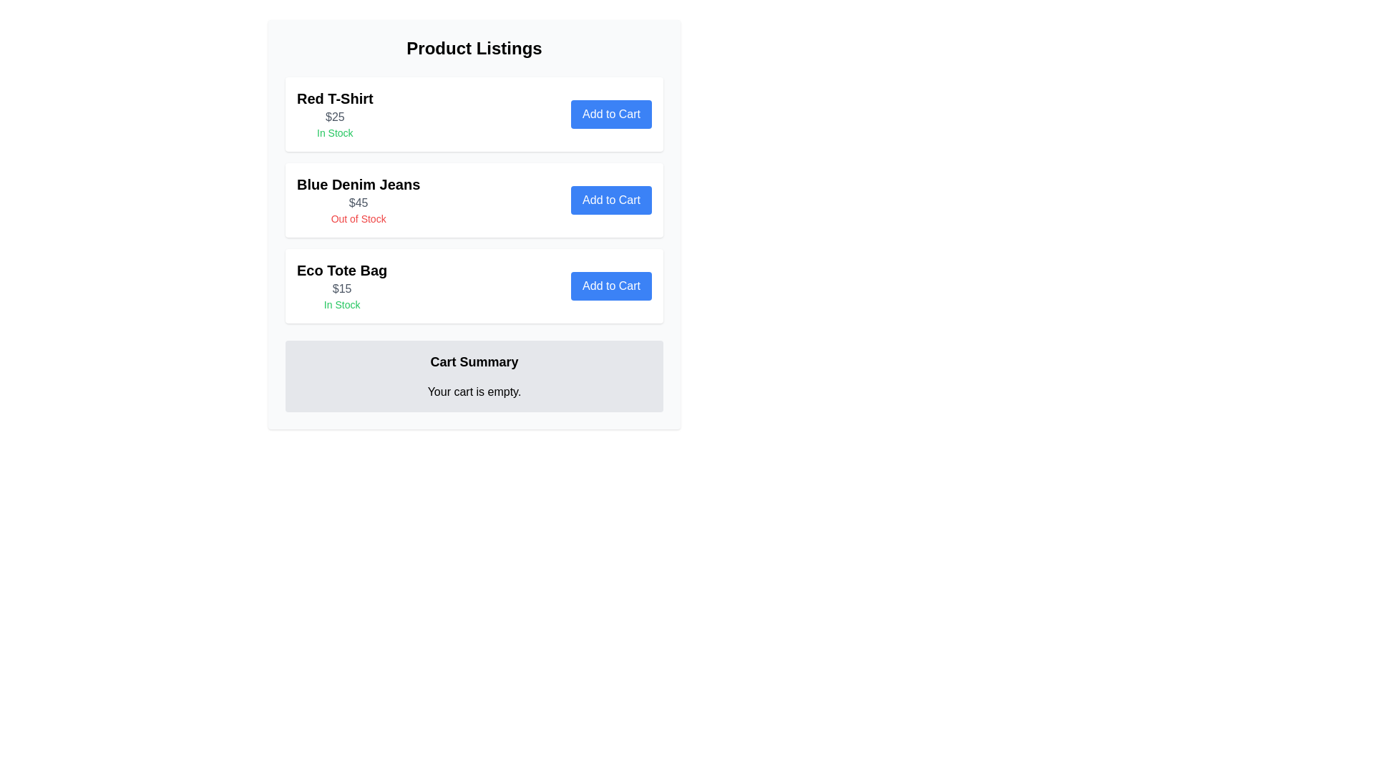 The height and width of the screenshot is (773, 1374). What do you see at coordinates (474, 361) in the screenshot?
I see `the 'Cart Summary' text label` at bounding box center [474, 361].